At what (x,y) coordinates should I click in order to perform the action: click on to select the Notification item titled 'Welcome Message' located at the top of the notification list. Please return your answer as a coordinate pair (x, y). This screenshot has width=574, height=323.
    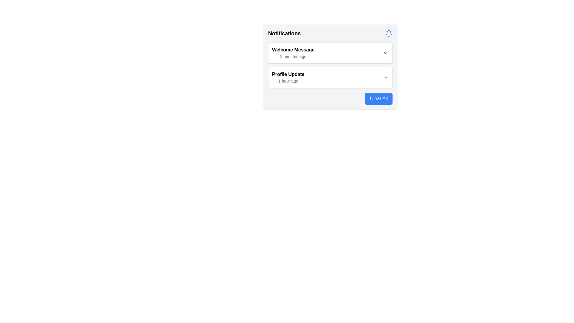
    Looking at the image, I should click on (330, 53).